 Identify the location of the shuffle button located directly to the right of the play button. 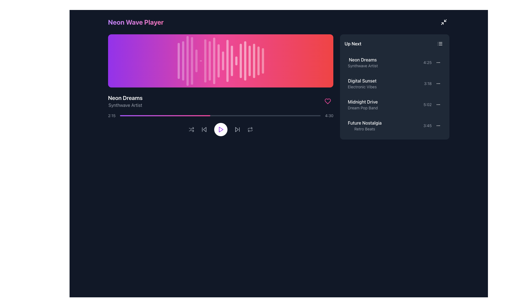
(191, 129).